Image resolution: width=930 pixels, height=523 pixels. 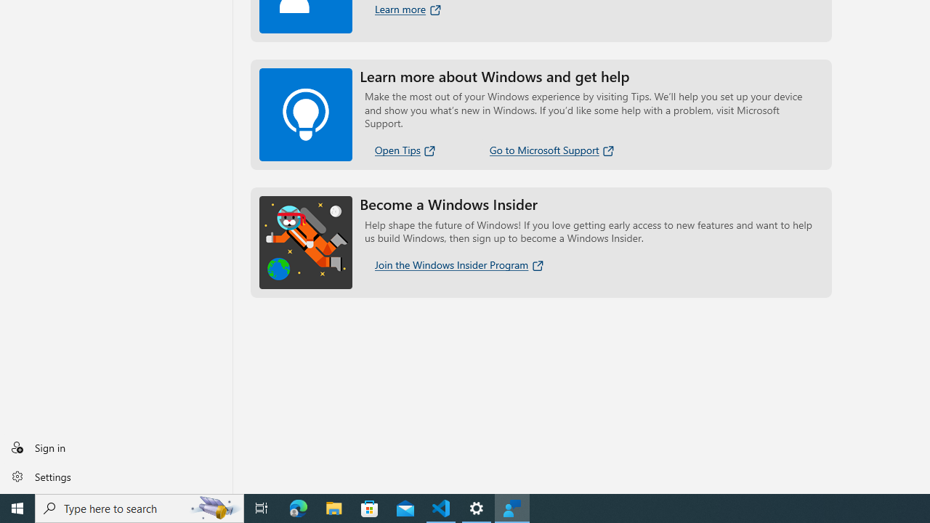 I want to click on 'Microsoft Edge', so click(x=298, y=507).